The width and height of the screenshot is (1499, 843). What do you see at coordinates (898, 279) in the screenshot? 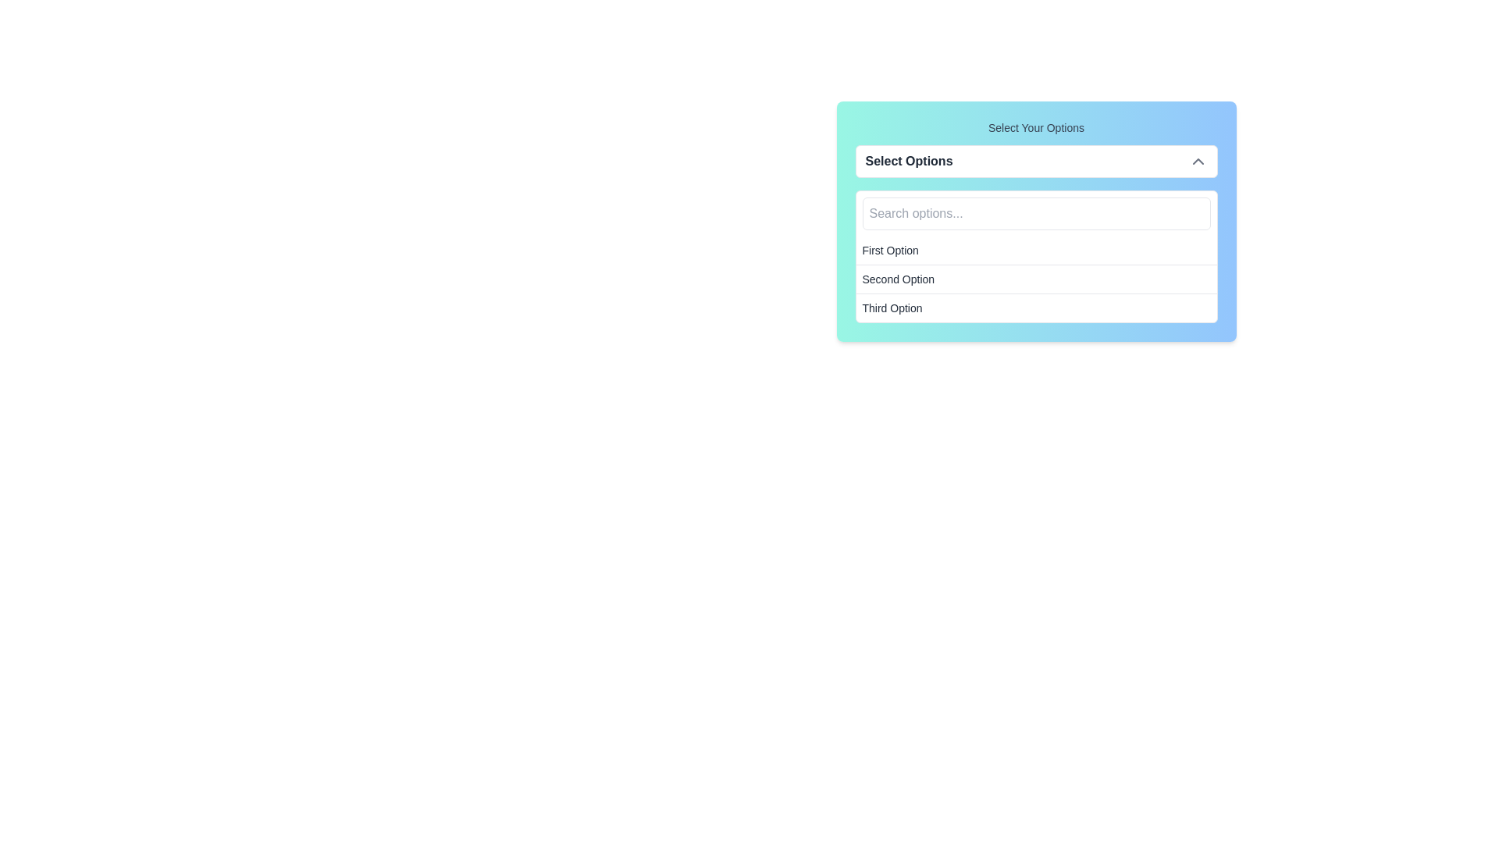
I see `text from the Text Label that contains the words 'Second Option', which is styled in bold and dark gray, located below the 'First Option' in the dropdown menu` at bounding box center [898, 279].